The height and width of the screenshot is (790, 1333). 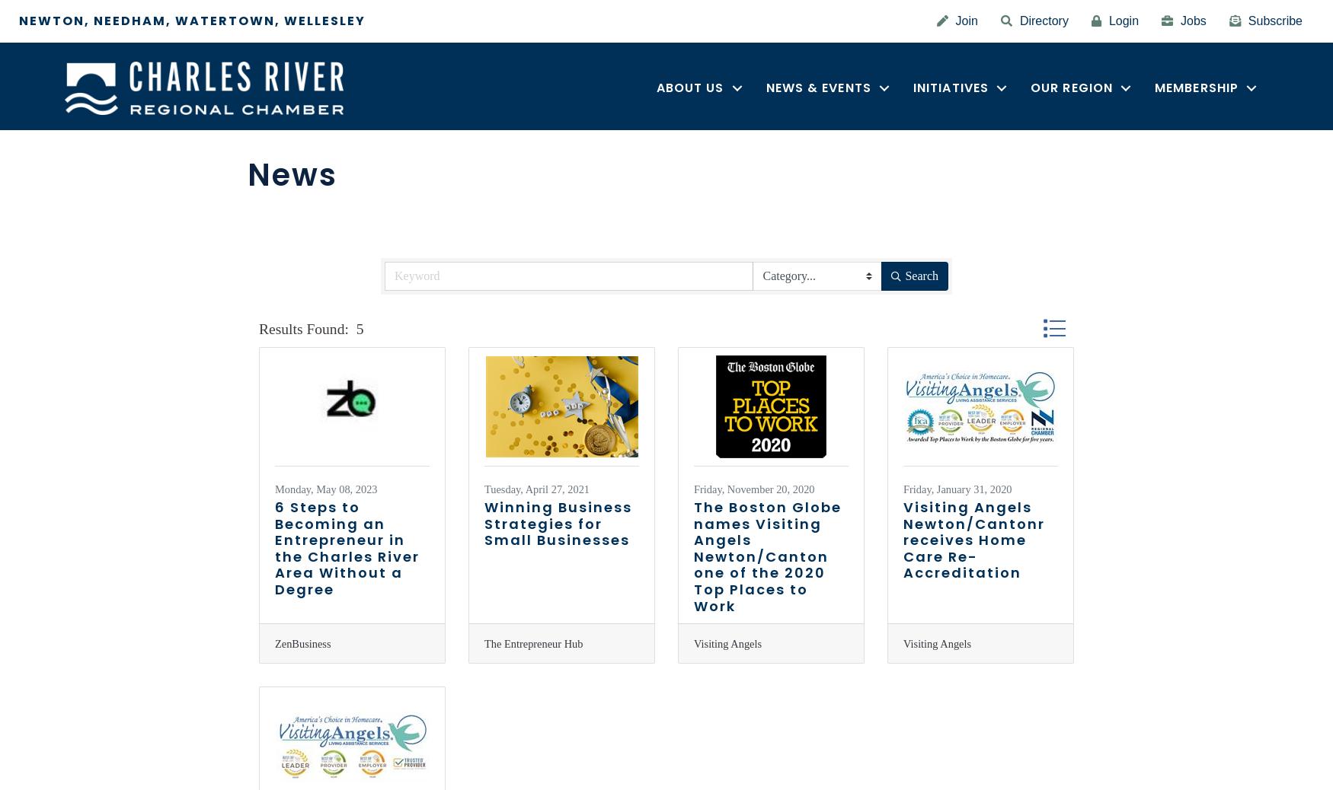 What do you see at coordinates (973, 539) in the screenshot?
I see `'Visiting Angels Newton/Cantonr receives Home Care Re-Accreditation'` at bounding box center [973, 539].